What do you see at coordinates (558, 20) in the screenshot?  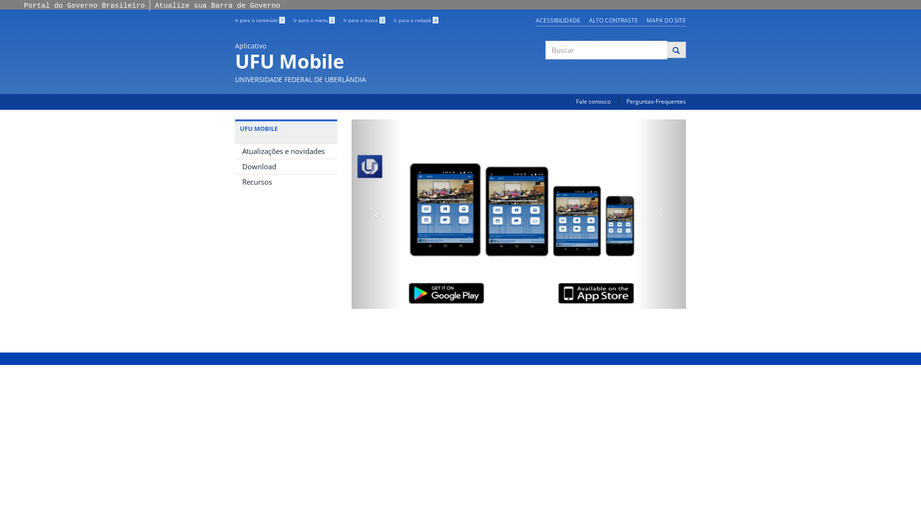 I see `'ACESSIBILIDADE'` at bounding box center [558, 20].